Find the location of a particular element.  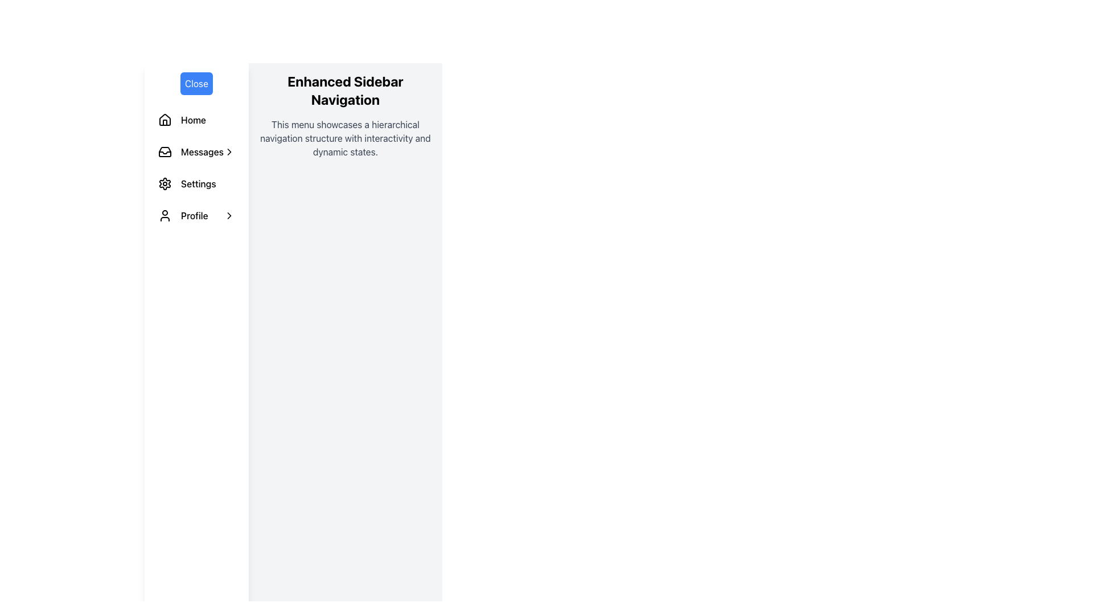

the 'Messages' icon in the sidebar is located at coordinates (164, 151).